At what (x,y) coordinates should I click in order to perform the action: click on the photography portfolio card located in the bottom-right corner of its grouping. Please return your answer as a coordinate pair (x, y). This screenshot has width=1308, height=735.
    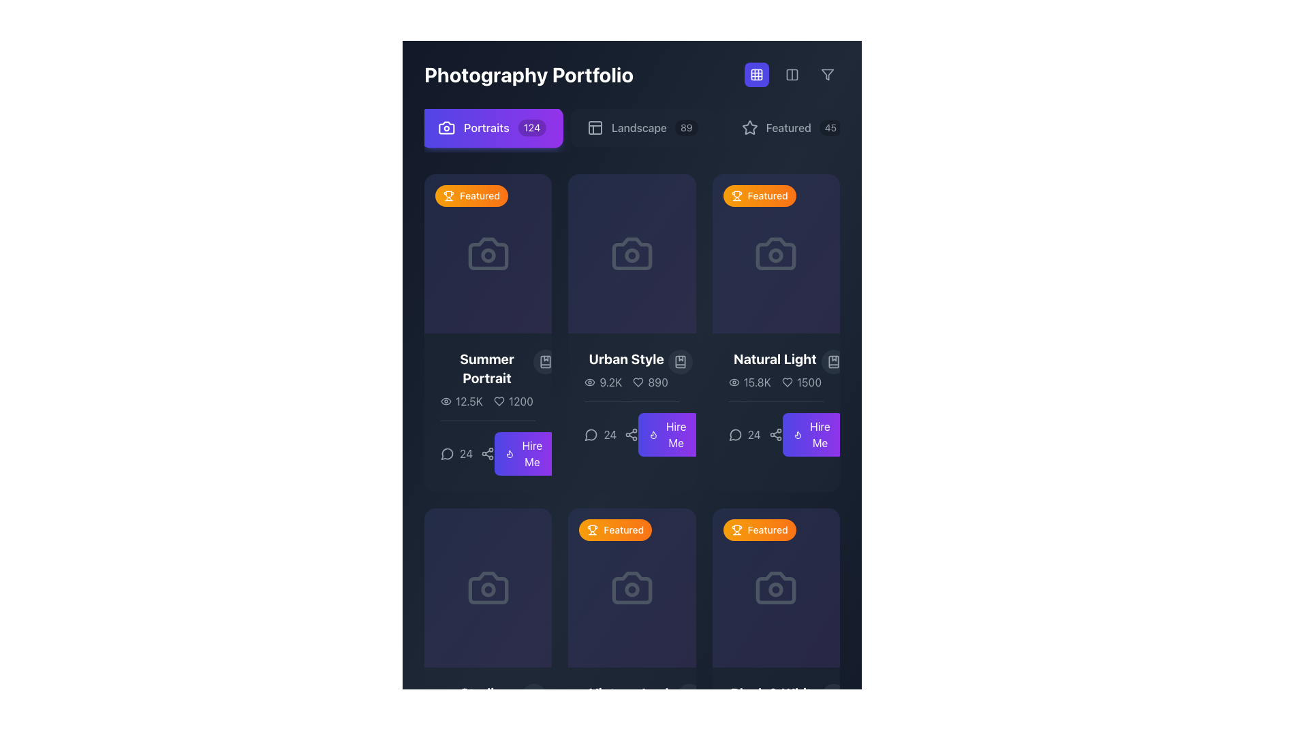
    Looking at the image, I should click on (776, 587).